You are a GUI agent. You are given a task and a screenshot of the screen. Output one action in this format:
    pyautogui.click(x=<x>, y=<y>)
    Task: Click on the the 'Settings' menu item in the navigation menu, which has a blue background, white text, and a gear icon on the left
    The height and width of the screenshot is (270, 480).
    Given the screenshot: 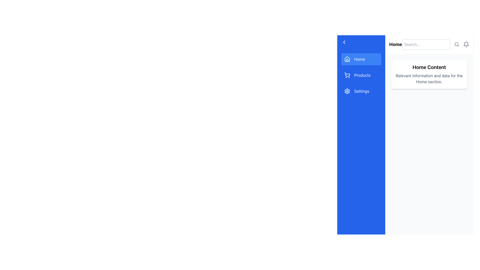 What is the action you would take?
    pyautogui.click(x=361, y=91)
    